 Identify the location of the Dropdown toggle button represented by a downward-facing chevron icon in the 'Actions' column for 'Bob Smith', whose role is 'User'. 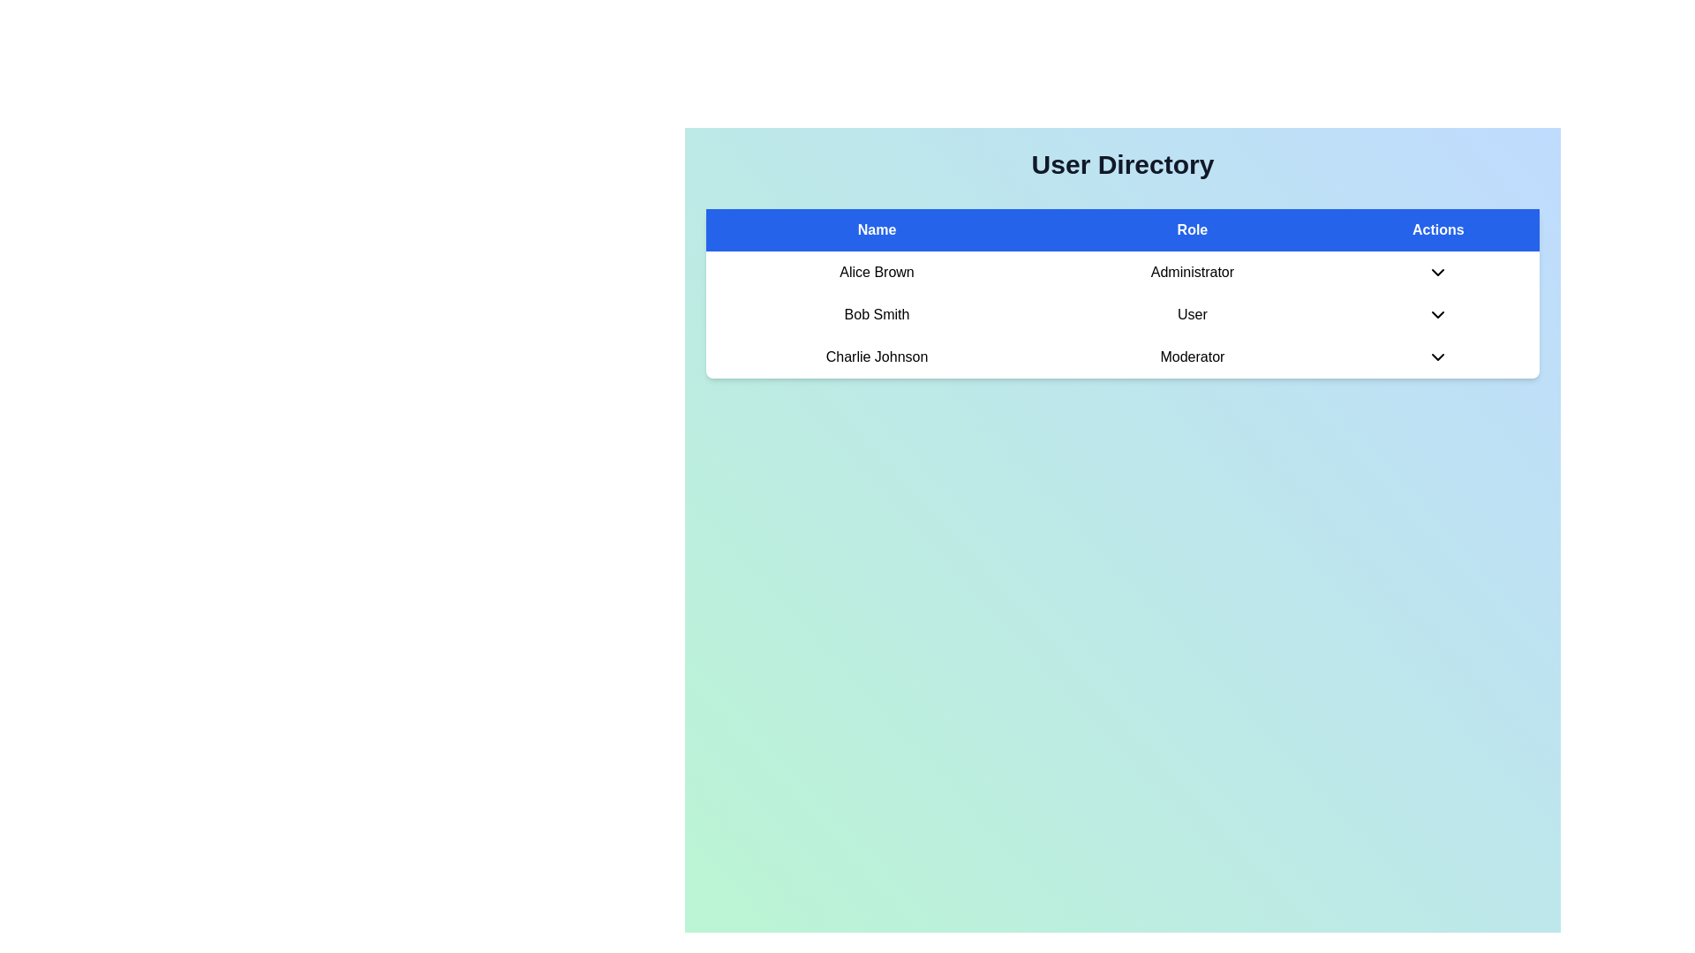
(1438, 314).